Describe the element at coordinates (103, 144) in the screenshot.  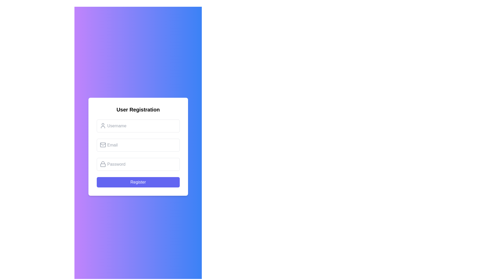
I see `the email icon located to the left of the email input field in the user registration form` at that location.